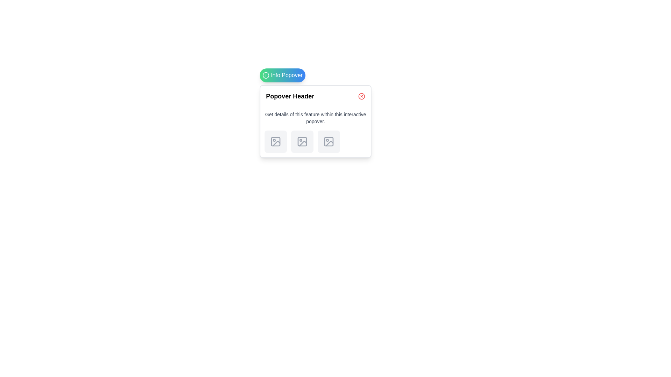 The height and width of the screenshot is (377, 671). Describe the element at coordinates (329, 141) in the screenshot. I see `the square icon with a light gray background and rounded corners, which contains a placeholder image illustration, located on the rightmost side of a row within the 'Popover Header'` at that location.